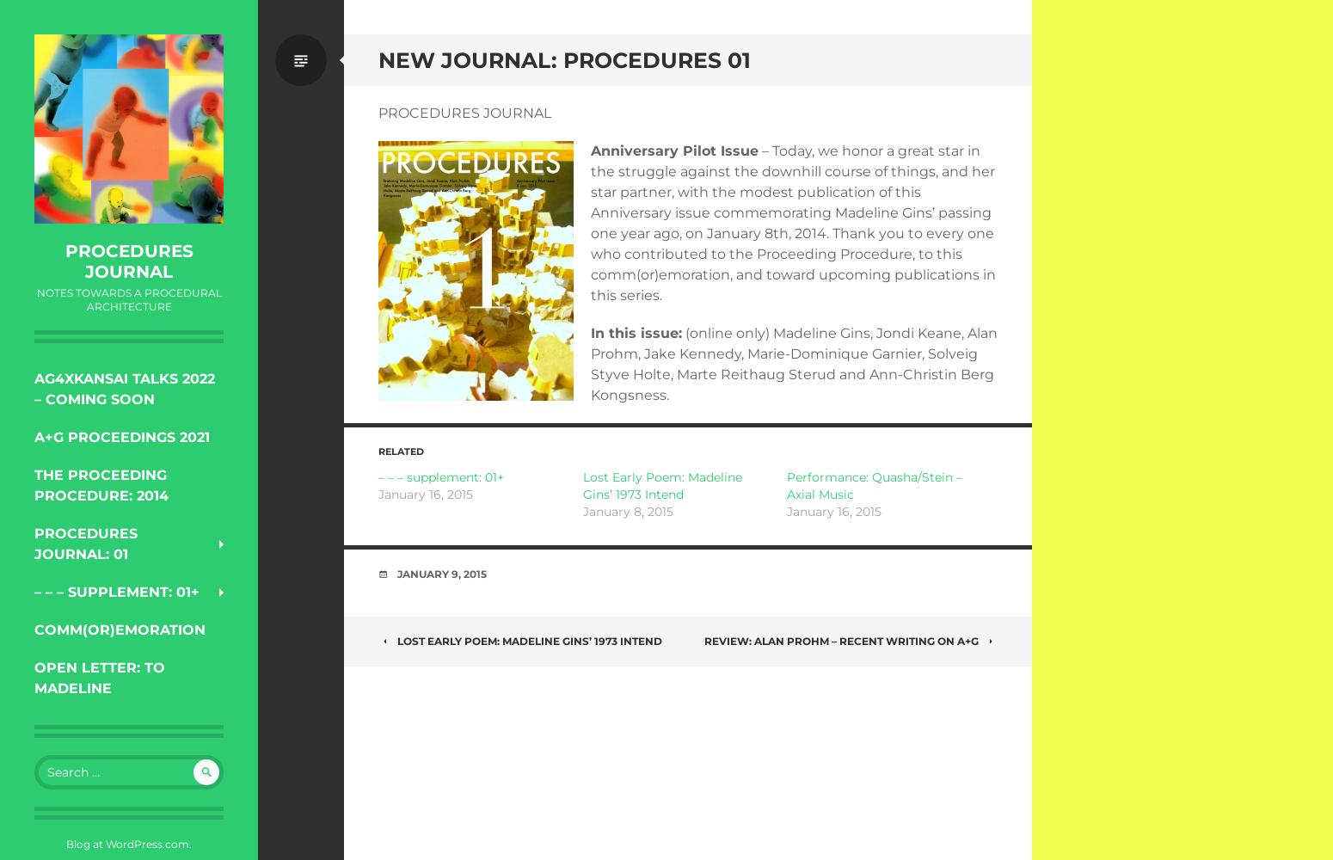 The image size is (1333, 860). What do you see at coordinates (33, 388) in the screenshot?
I see `'AG4xKANSAI Talks 2022 – coming soon'` at bounding box center [33, 388].